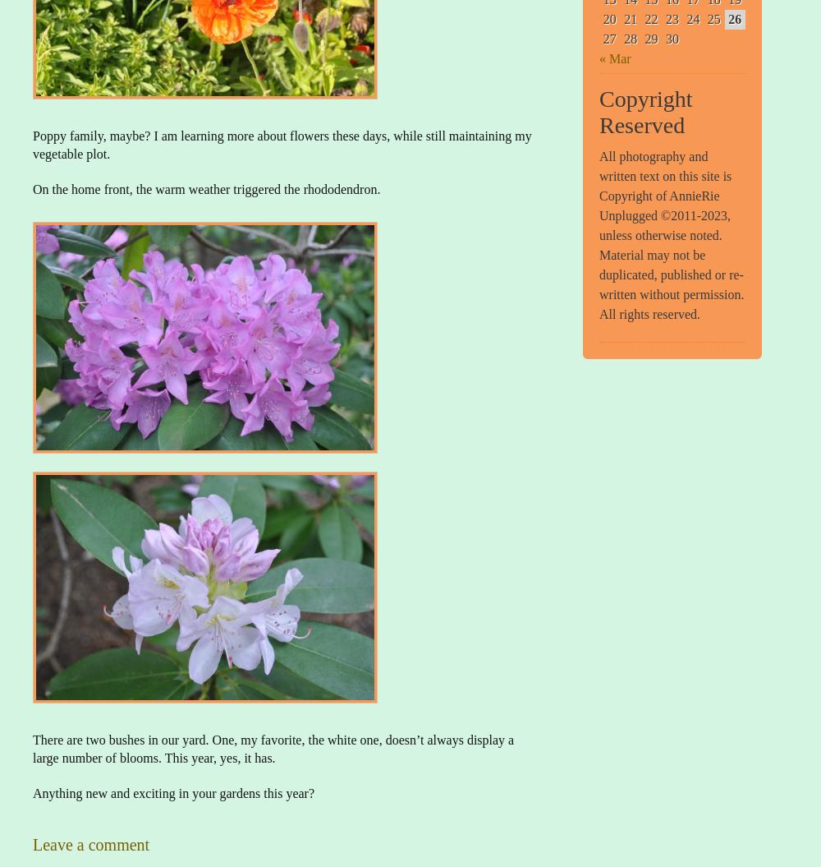  What do you see at coordinates (651, 18) in the screenshot?
I see `'22'` at bounding box center [651, 18].